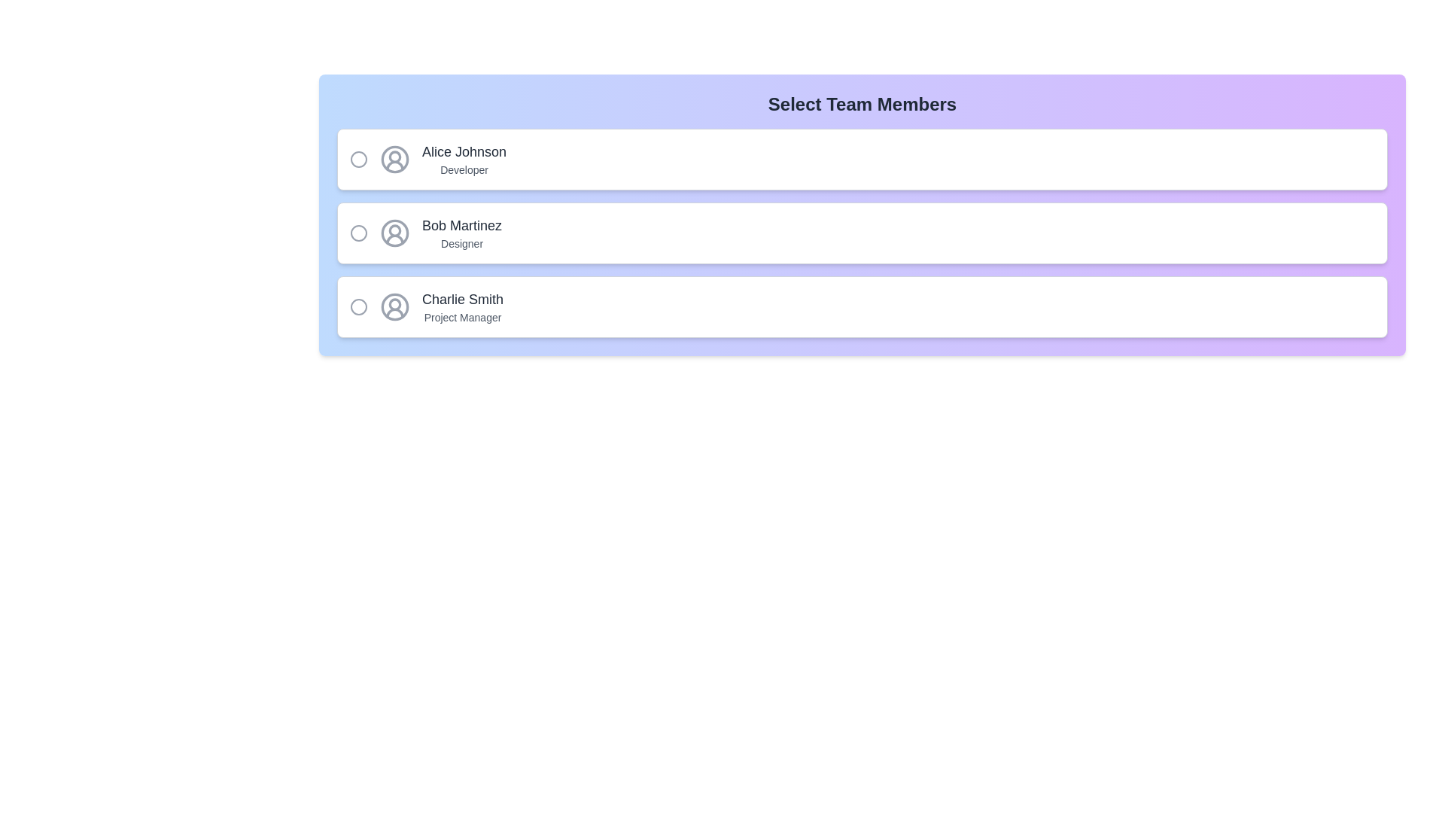  What do you see at coordinates (394, 233) in the screenshot?
I see `the outer circular boundary of the user icon for 'Bob Martinez' which is styled in a neutral gray color and is the largest circle in the triple-circle composition` at bounding box center [394, 233].